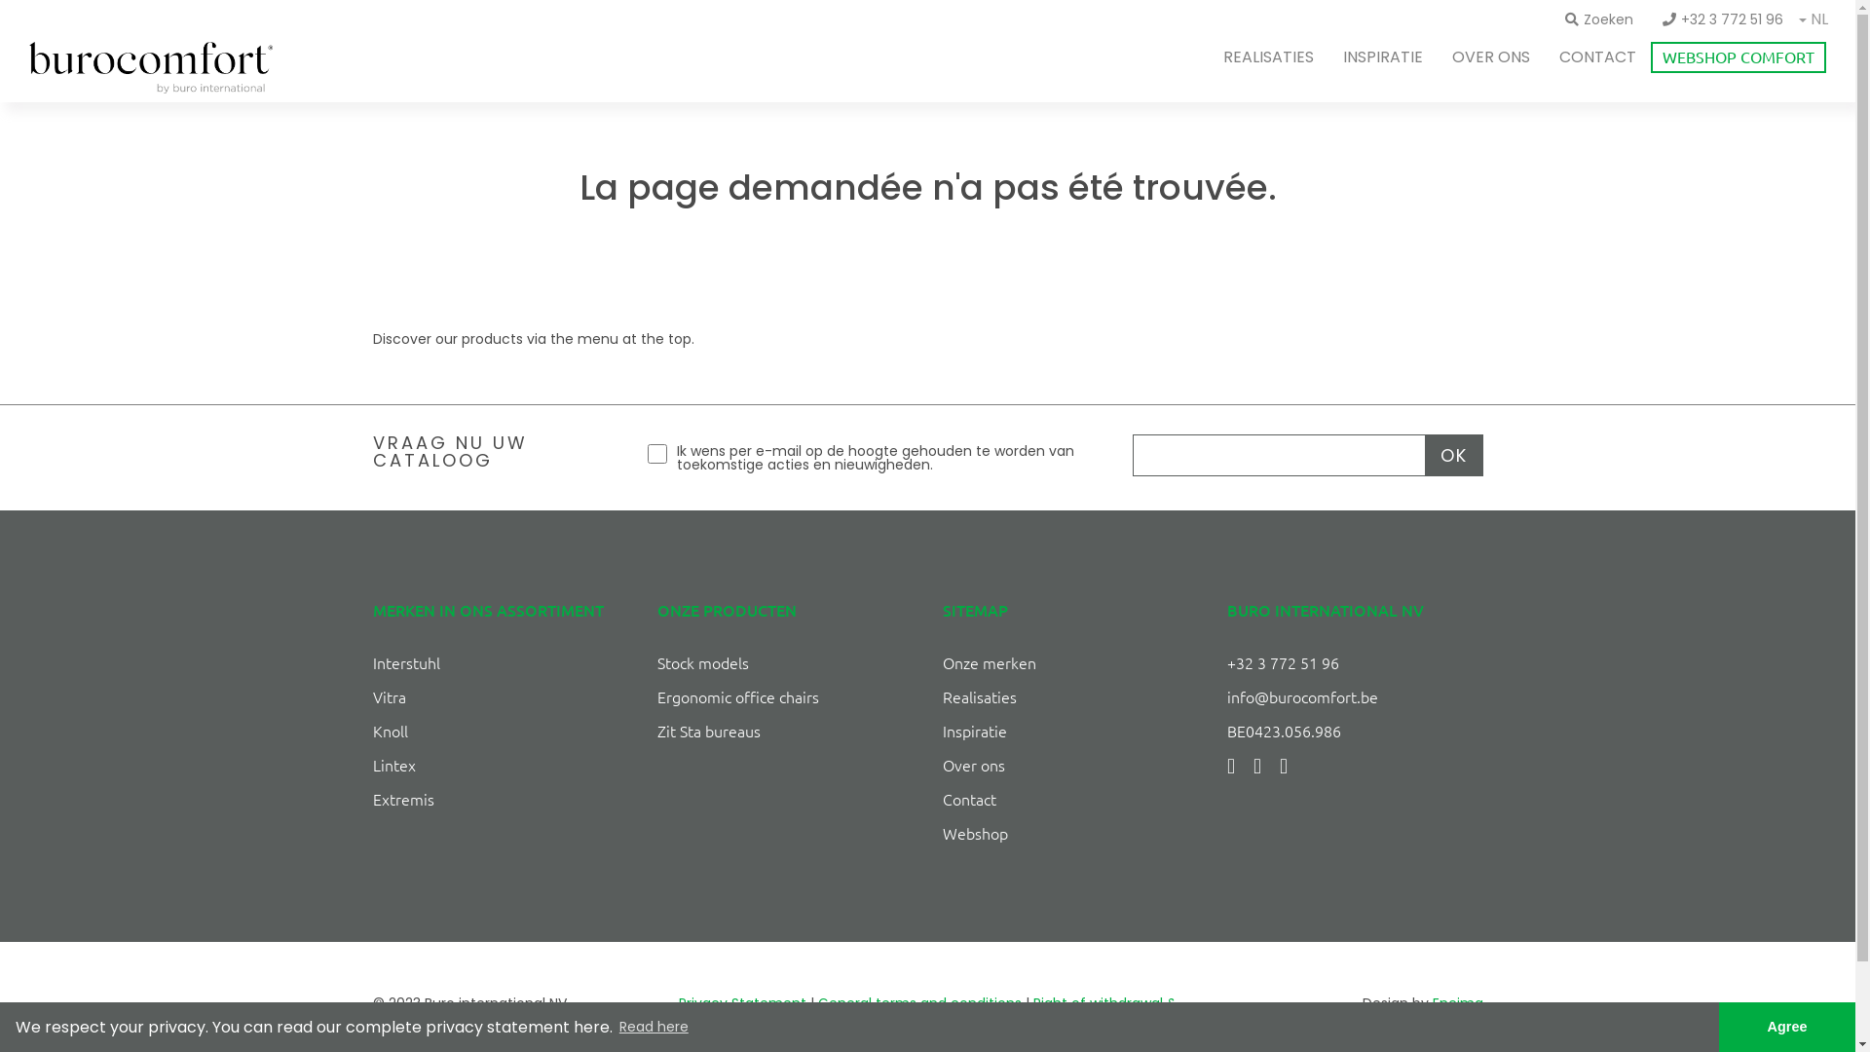  Describe the element at coordinates (990, 660) in the screenshot. I see `'Onze merken'` at that location.